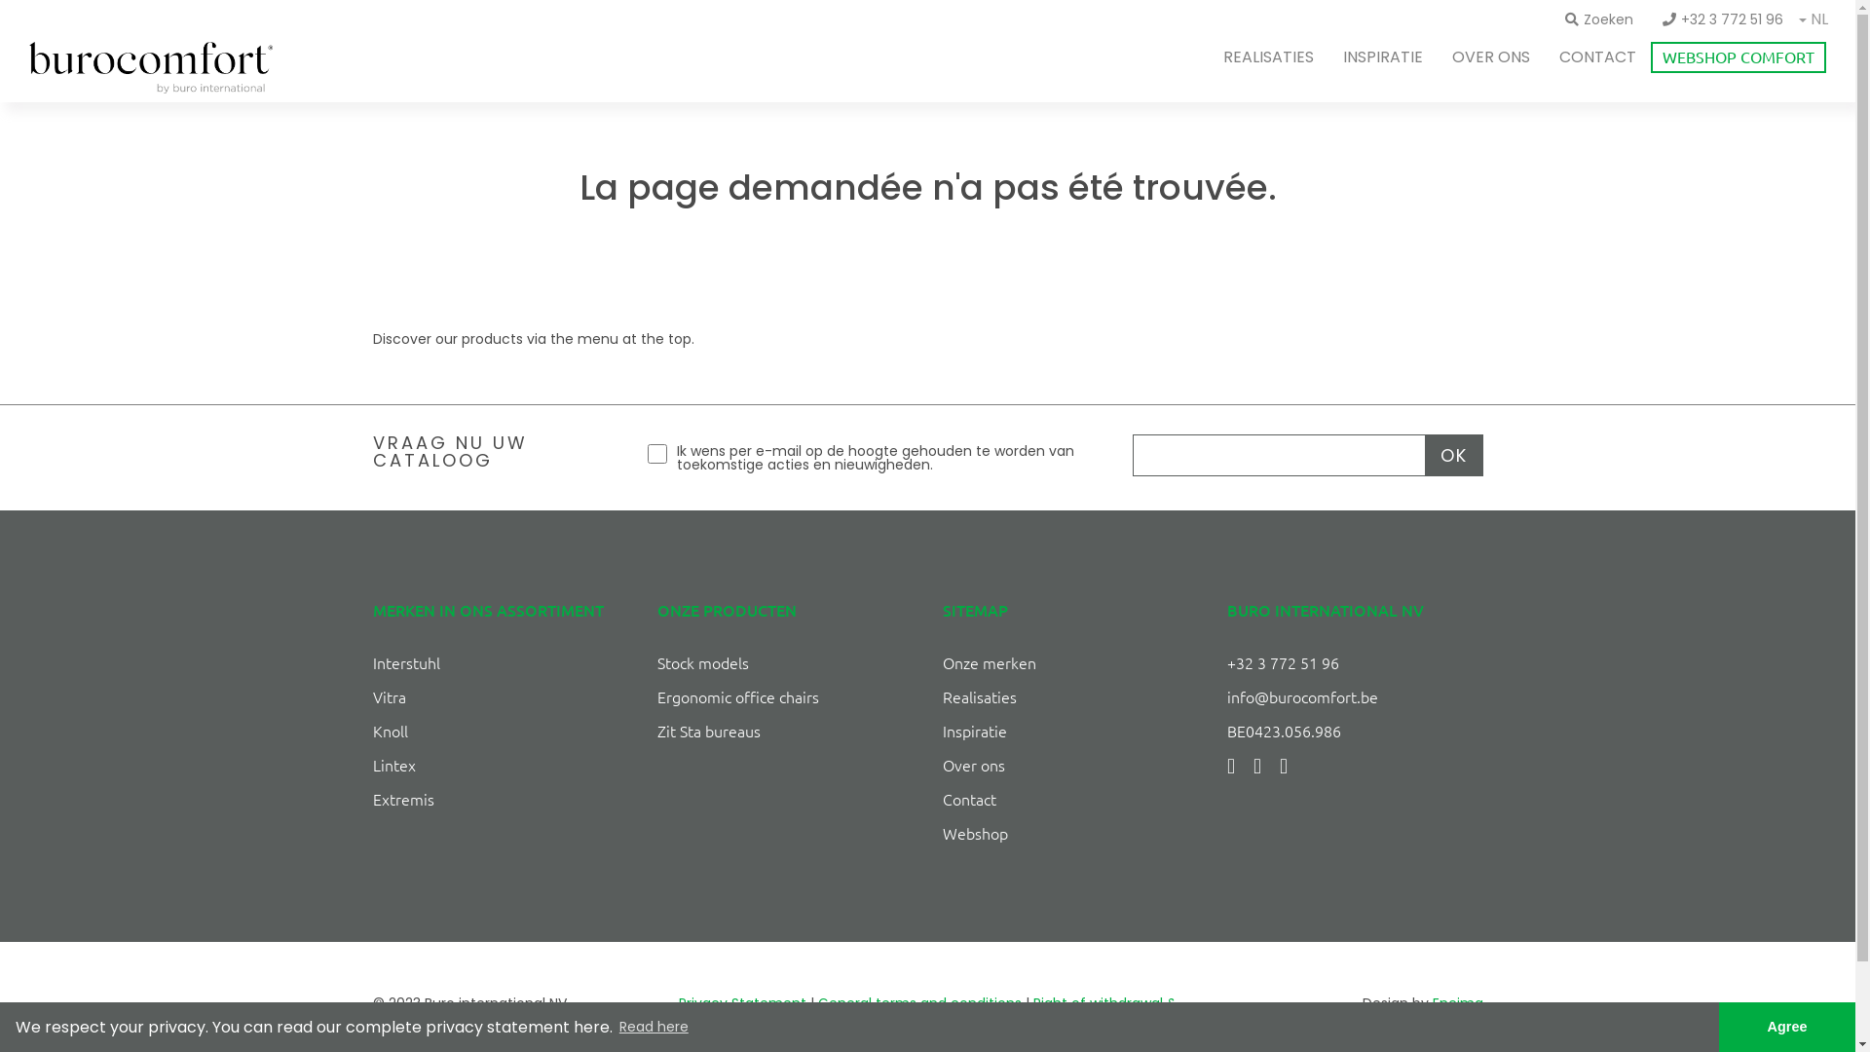  Describe the element at coordinates (990, 660) in the screenshot. I see `'Onze merken'` at that location.